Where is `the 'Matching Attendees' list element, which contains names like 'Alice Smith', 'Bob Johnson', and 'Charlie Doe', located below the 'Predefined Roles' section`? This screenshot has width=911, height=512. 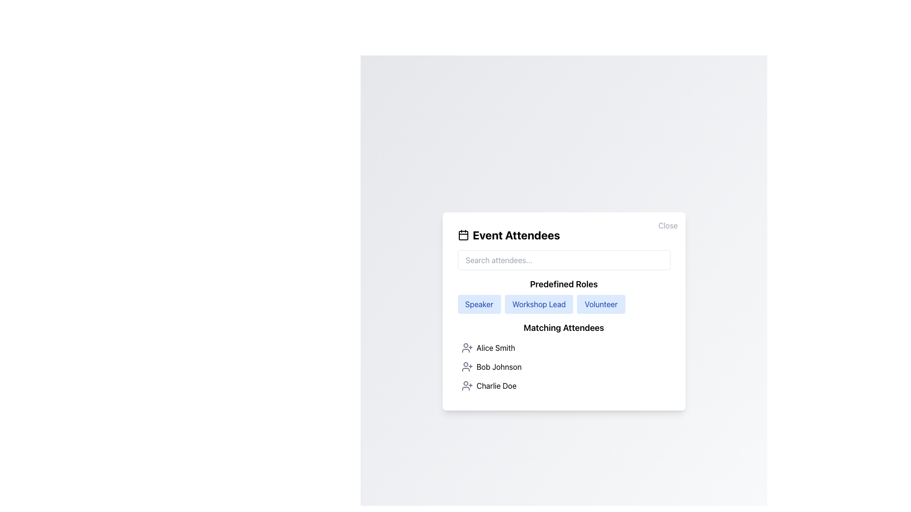 the 'Matching Attendees' list element, which contains names like 'Alice Smith', 'Bob Johnson', and 'Charlie Doe', located below the 'Predefined Roles' section is located at coordinates (564, 358).